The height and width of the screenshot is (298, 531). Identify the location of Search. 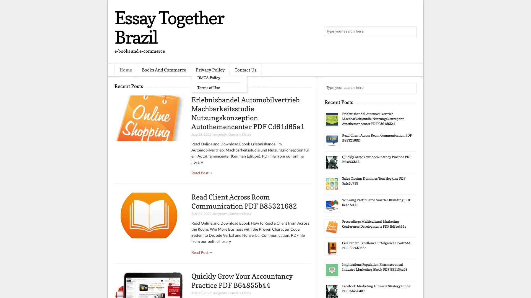
(411, 32).